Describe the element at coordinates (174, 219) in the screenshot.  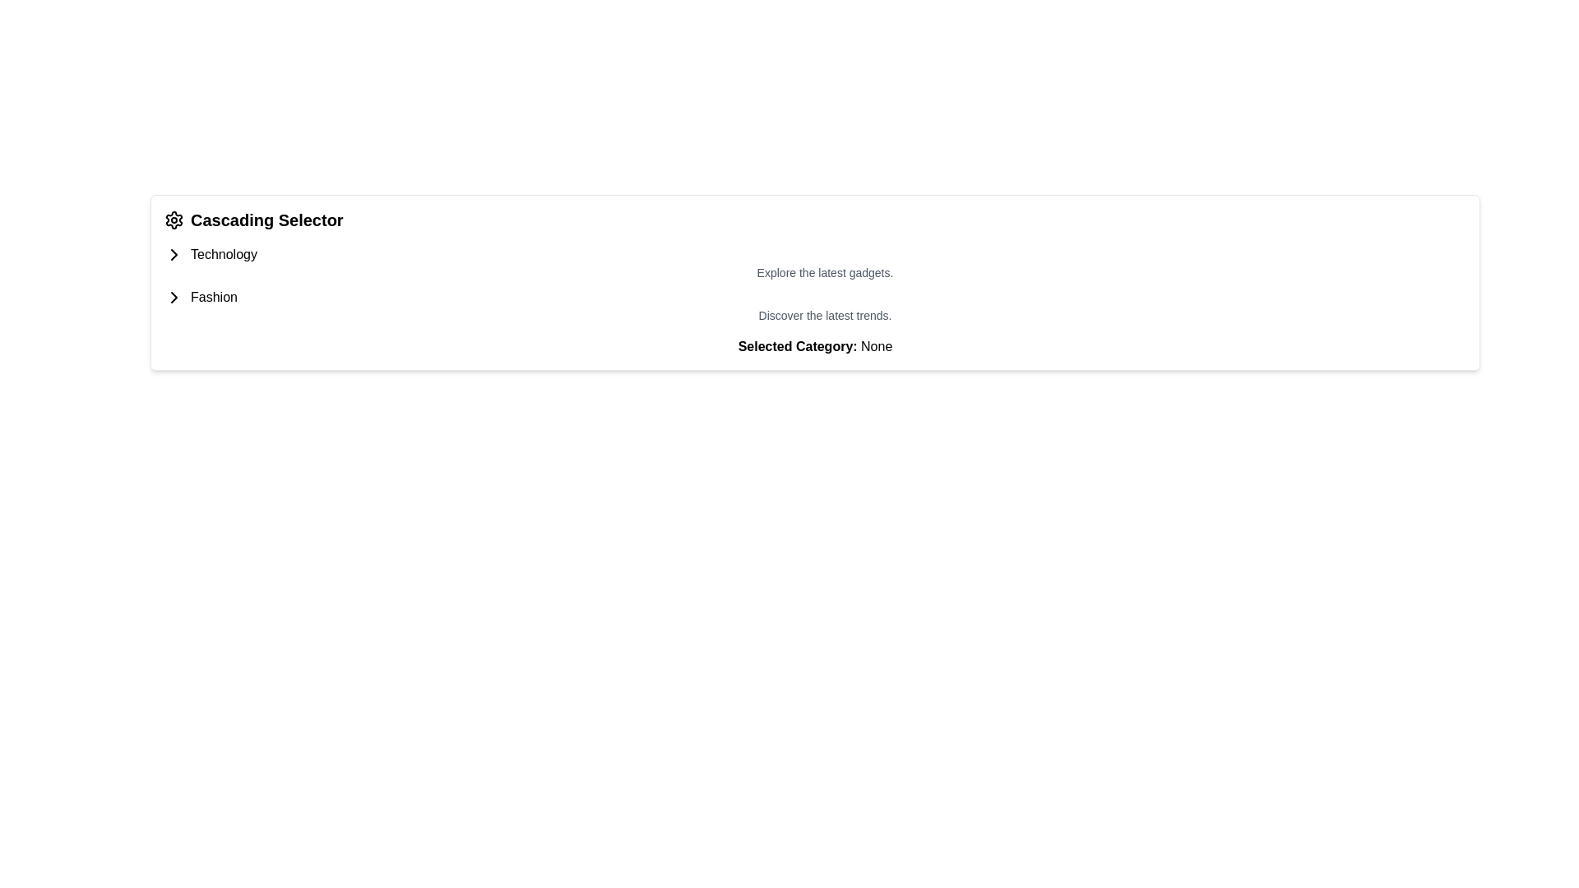
I see `the settings gear icon located to the left of the 'Cascading Selector' title` at that location.